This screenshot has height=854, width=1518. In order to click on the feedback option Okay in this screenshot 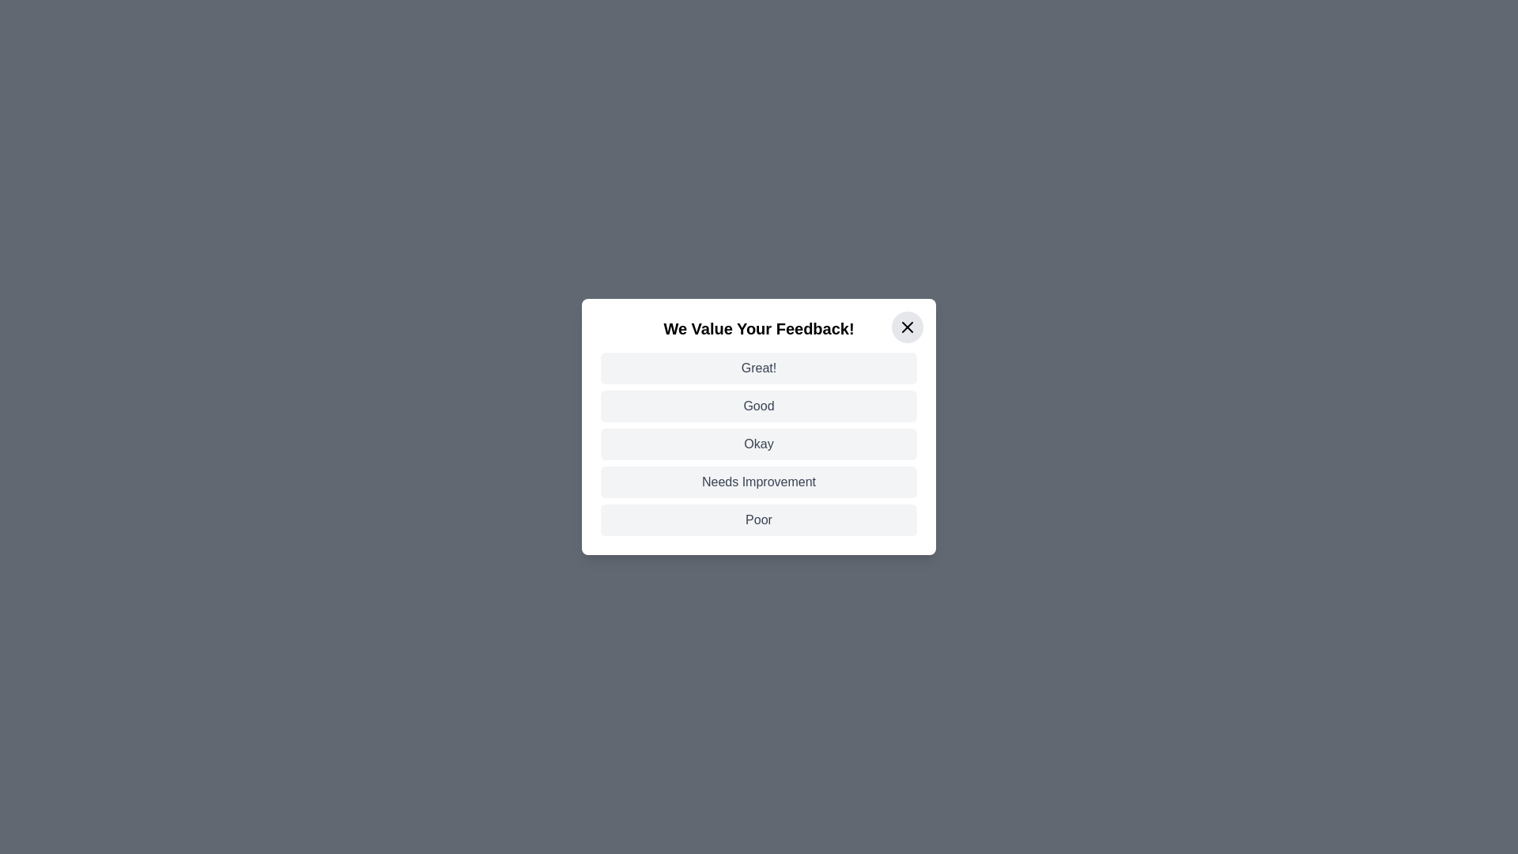, I will do `click(759, 444)`.